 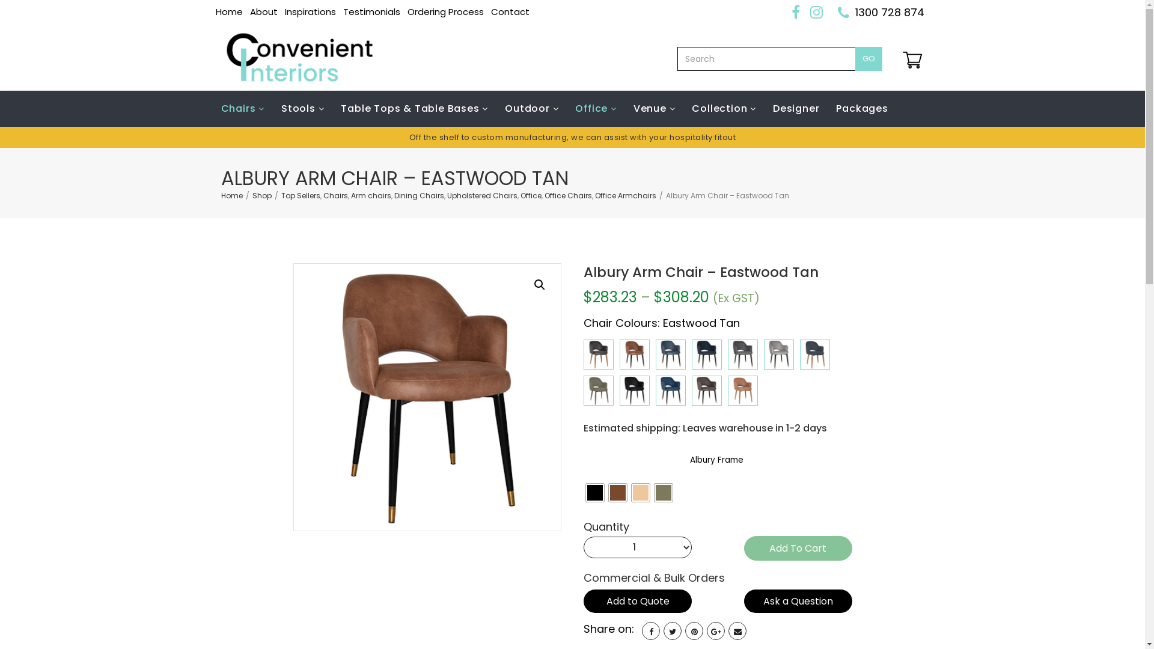 What do you see at coordinates (419, 195) in the screenshot?
I see `'Dining Chairs'` at bounding box center [419, 195].